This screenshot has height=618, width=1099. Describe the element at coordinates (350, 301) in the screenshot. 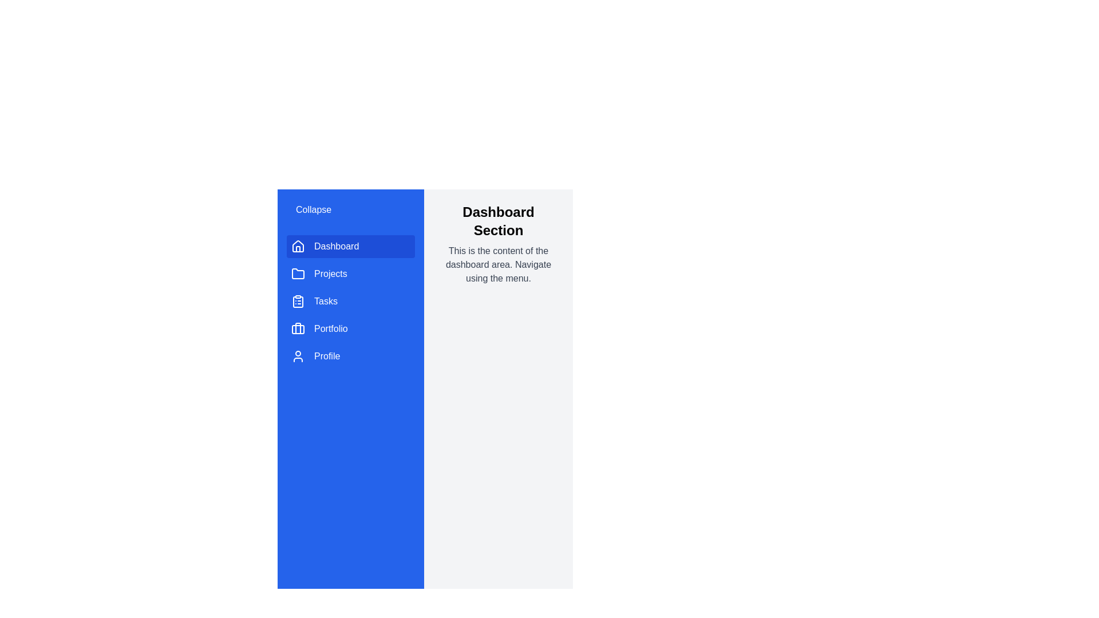

I see `the menu item Tasks to navigate to the corresponding section` at that location.